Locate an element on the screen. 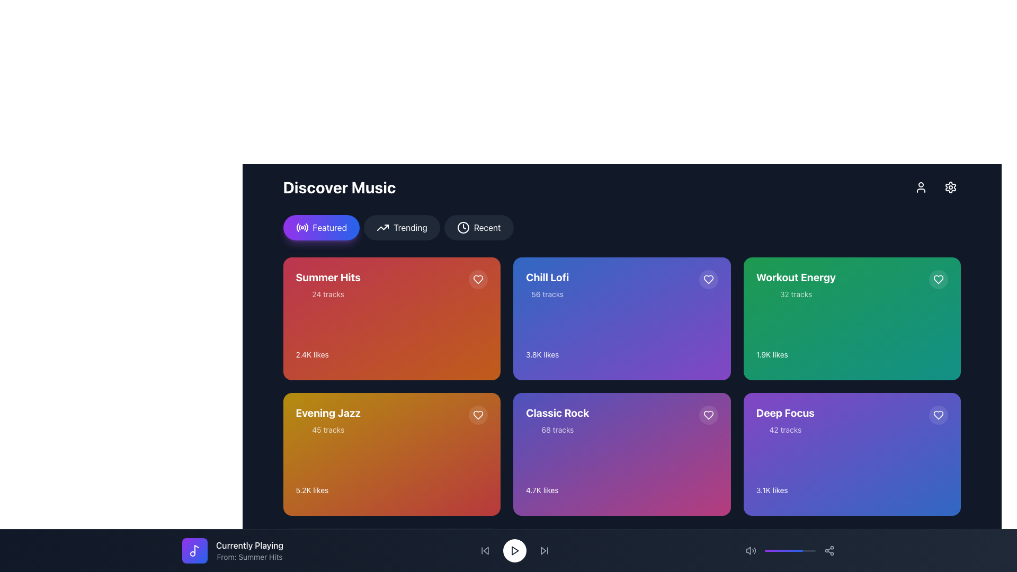  the 'Summer Hits' title text label in the top-left playlist card to enable accessibility tooltips is located at coordinates (327, 277).